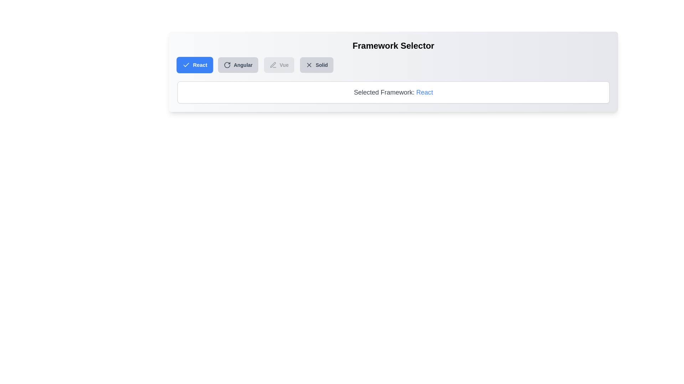 Image resolution: width=684 pixels, height=384 pixels. Describe the element at coordinates (424, 92) in the screenshot. I see `the text element displaying the currently selected framework, which indicates 'React' in the phrase 'Selected Framework: React'` at that location.